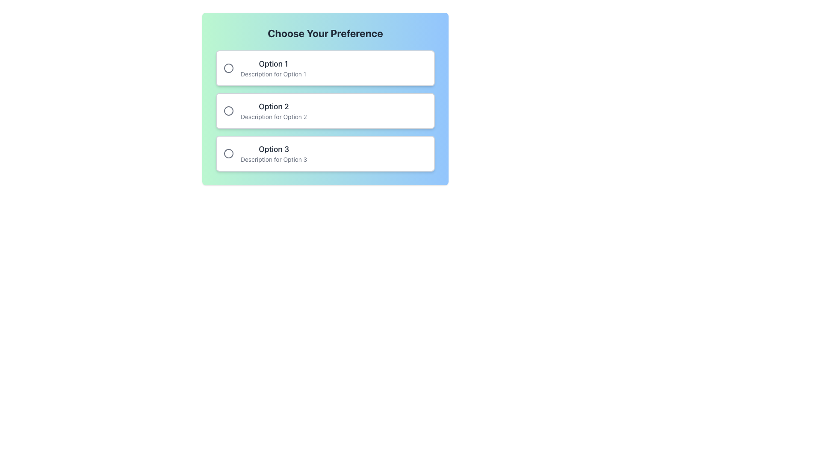 The image size is (821, 461). I want to click on the text block labeled 'Option 2' which is bold and larger in gray font, located within a white rectangular box beneath the heading 'Choose Your Preference', so click(274, 110).